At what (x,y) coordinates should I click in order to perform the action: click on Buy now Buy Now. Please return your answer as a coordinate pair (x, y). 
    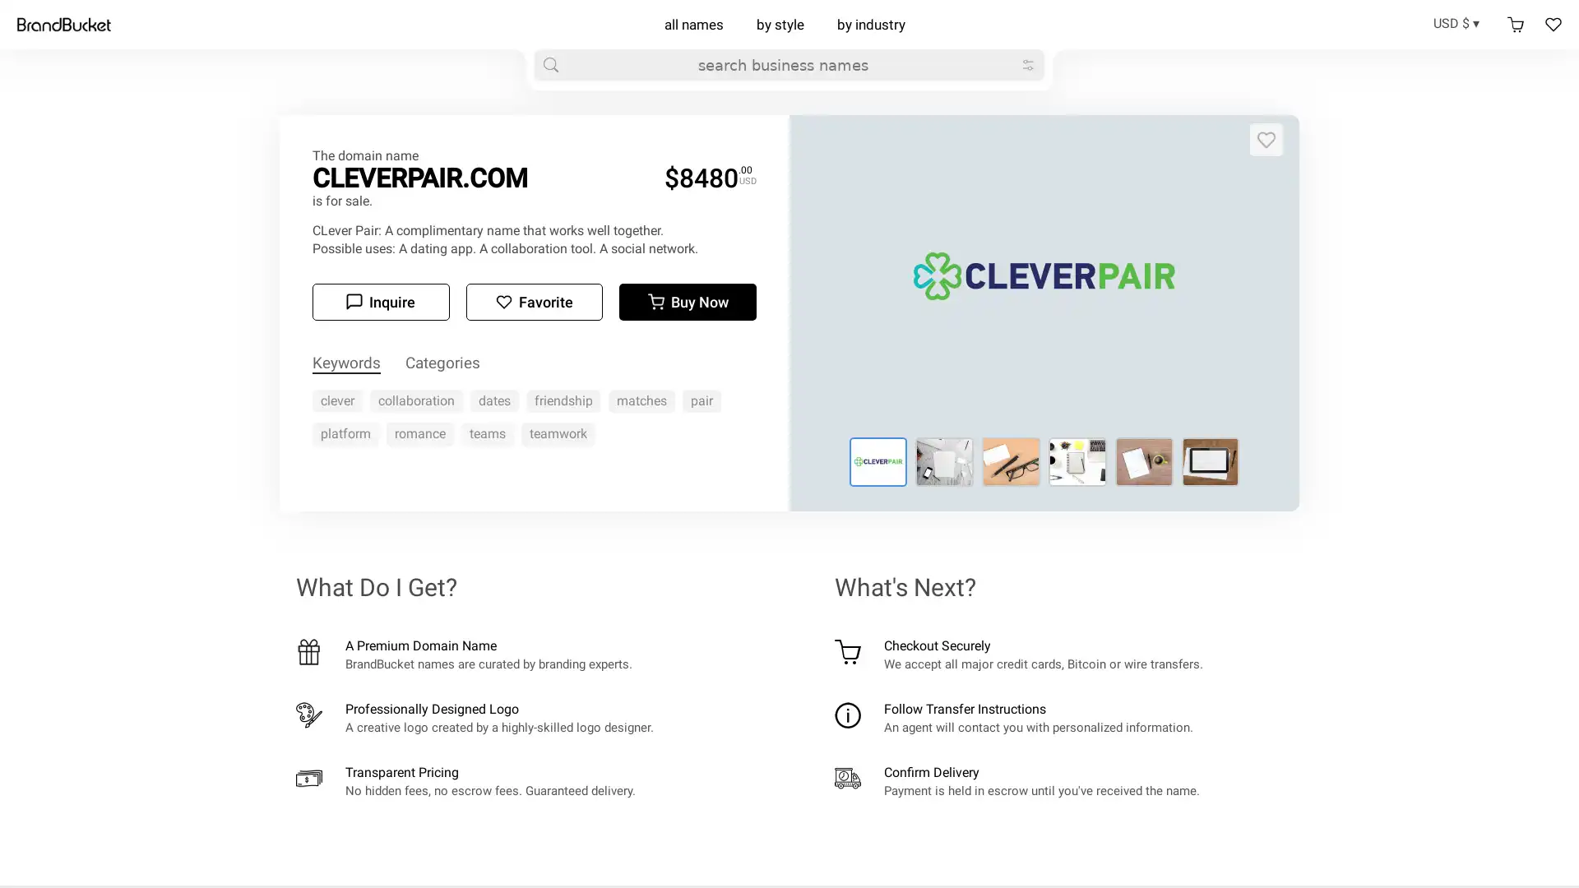
    Looking at the image, I should click on (688, 301).